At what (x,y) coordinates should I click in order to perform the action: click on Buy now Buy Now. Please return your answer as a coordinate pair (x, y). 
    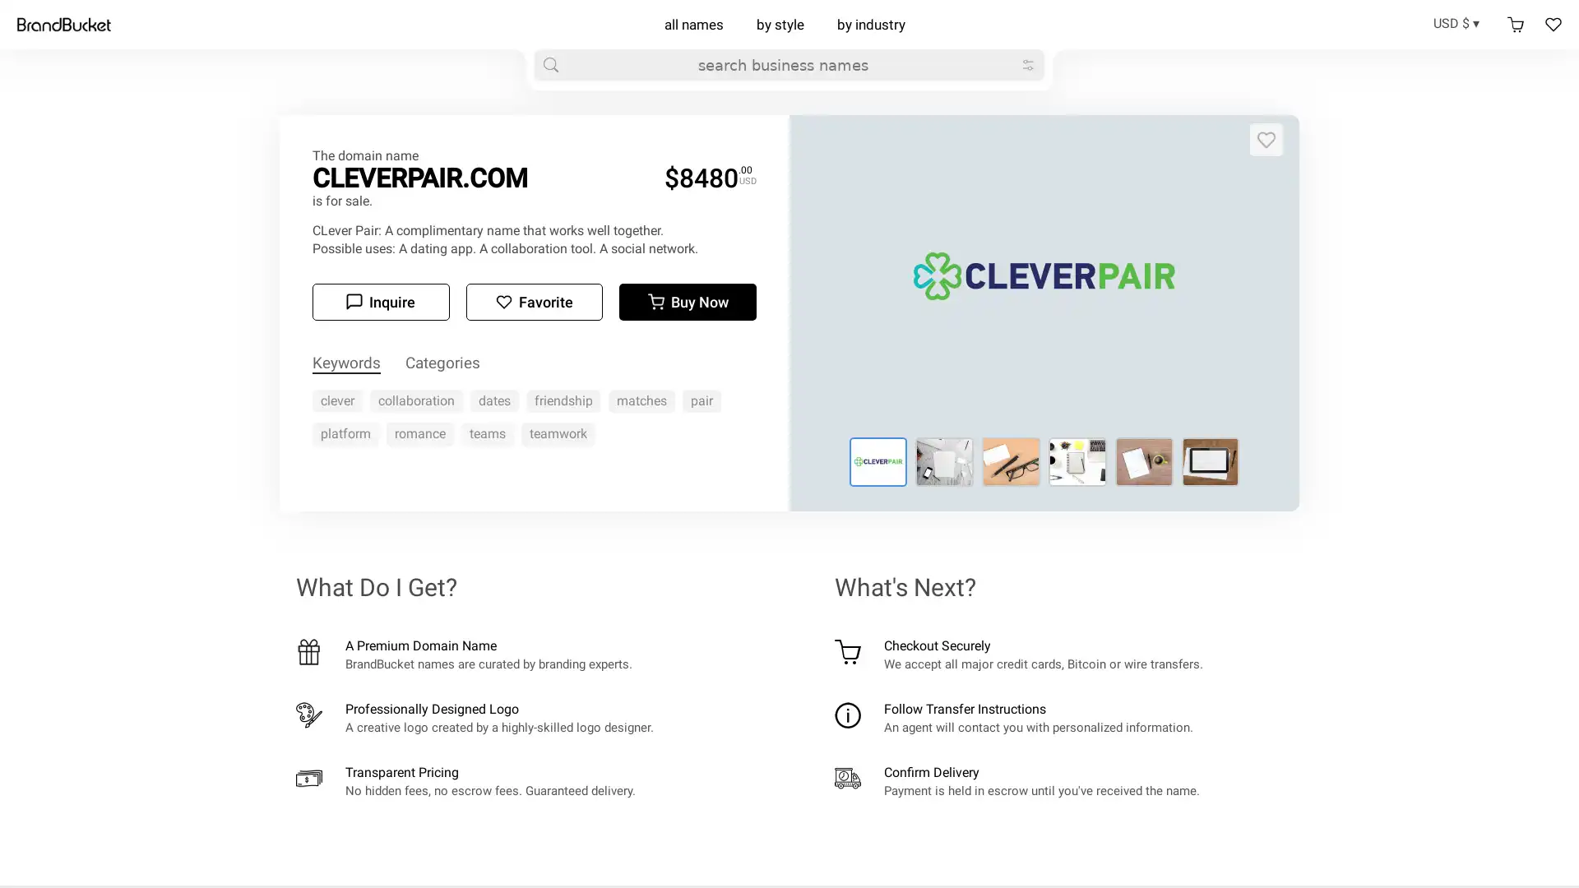
    Looking at the image, I should click on (688, 301).